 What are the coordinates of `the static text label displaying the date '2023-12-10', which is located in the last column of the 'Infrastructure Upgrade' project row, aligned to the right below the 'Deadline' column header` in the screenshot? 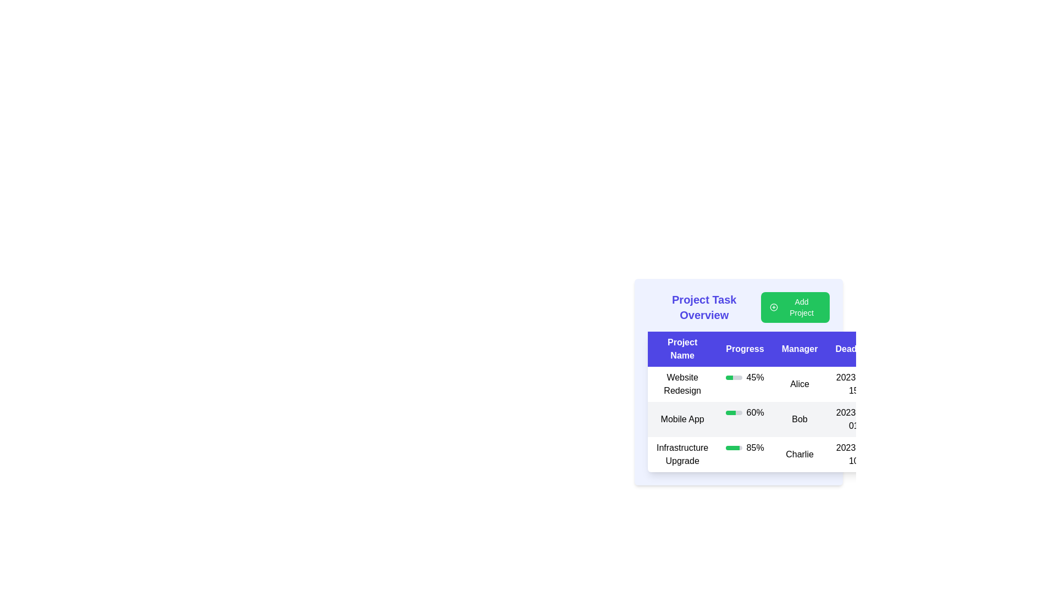 It's located at (853, 455).